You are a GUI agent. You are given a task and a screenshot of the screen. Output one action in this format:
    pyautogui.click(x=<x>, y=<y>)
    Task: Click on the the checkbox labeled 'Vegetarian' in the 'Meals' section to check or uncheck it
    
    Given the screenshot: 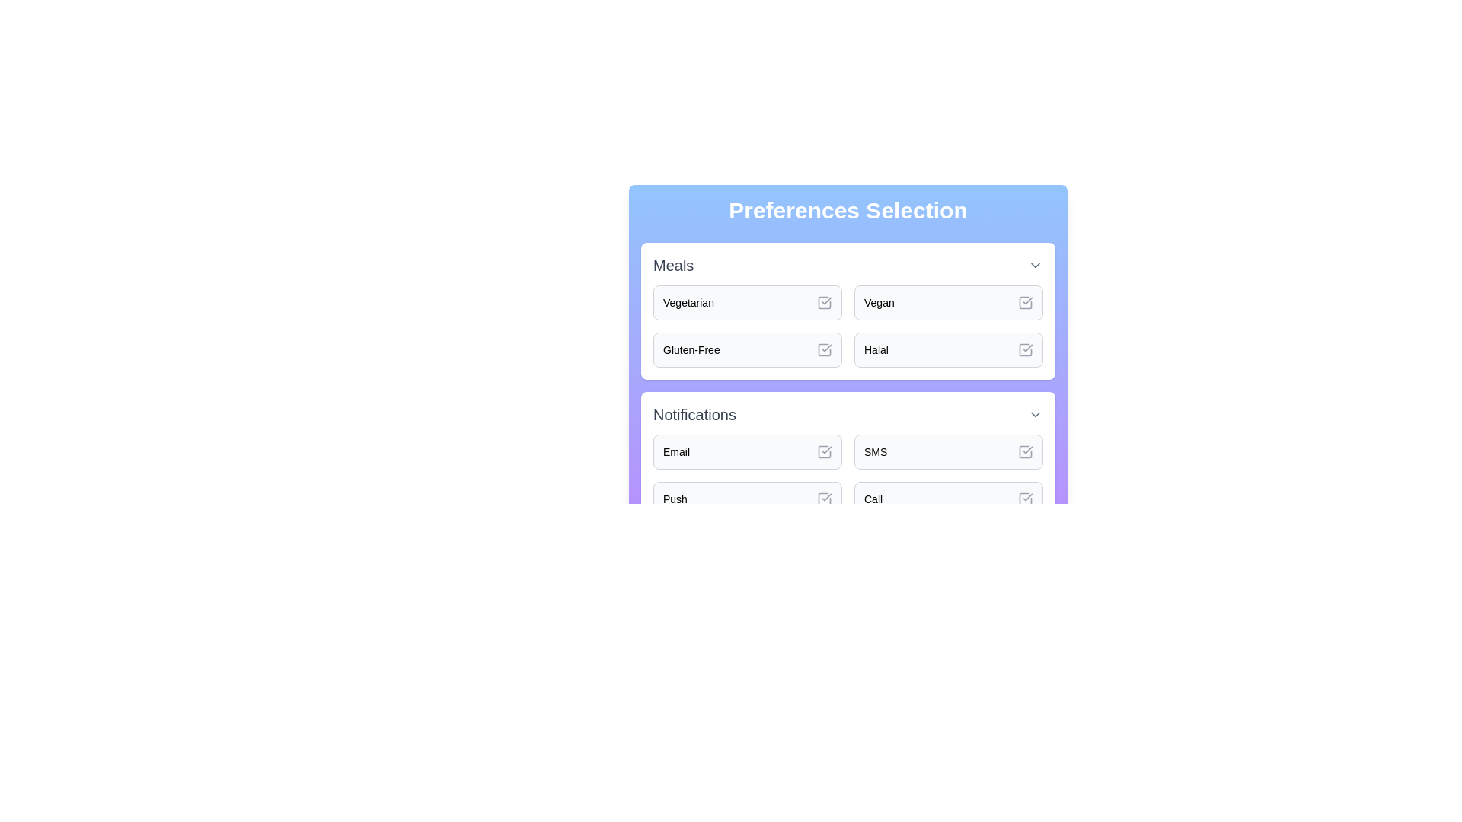 What is the action you would take?
    pyautogui.click(x=824, y=302)
    